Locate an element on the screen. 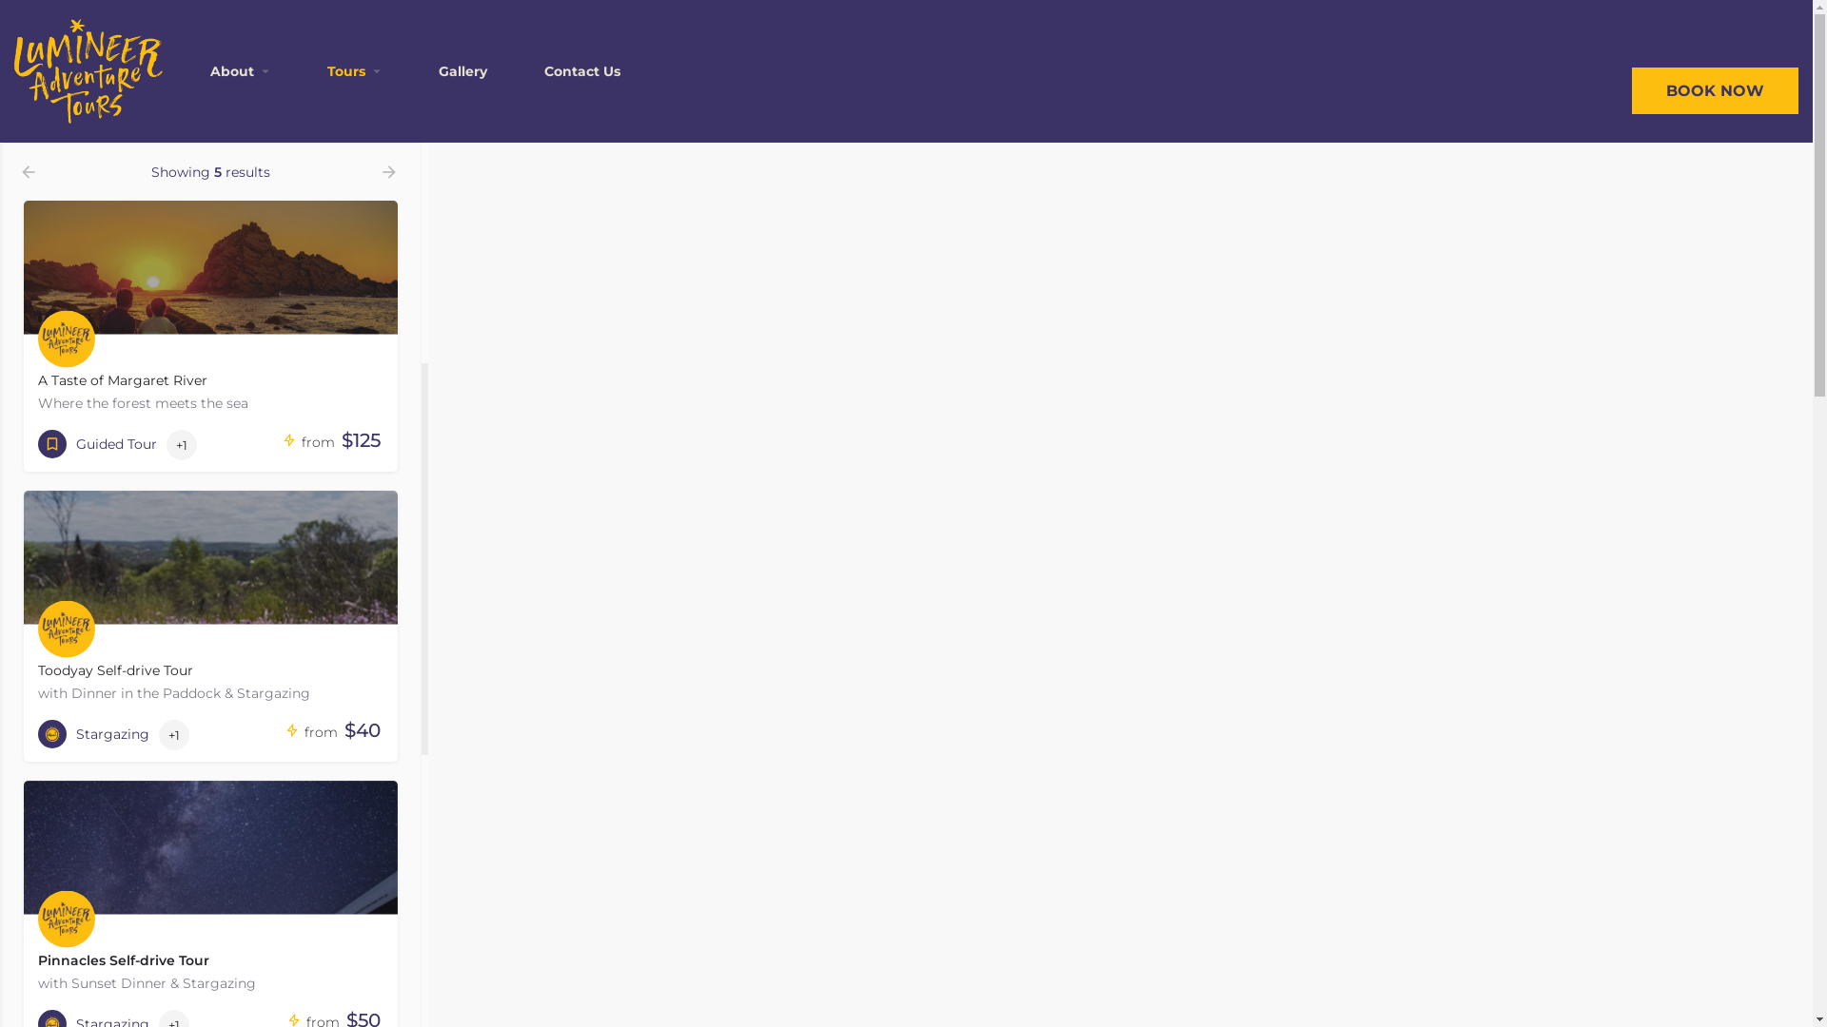  'A Taste of Margaret River is located at coordinates (23, 309).